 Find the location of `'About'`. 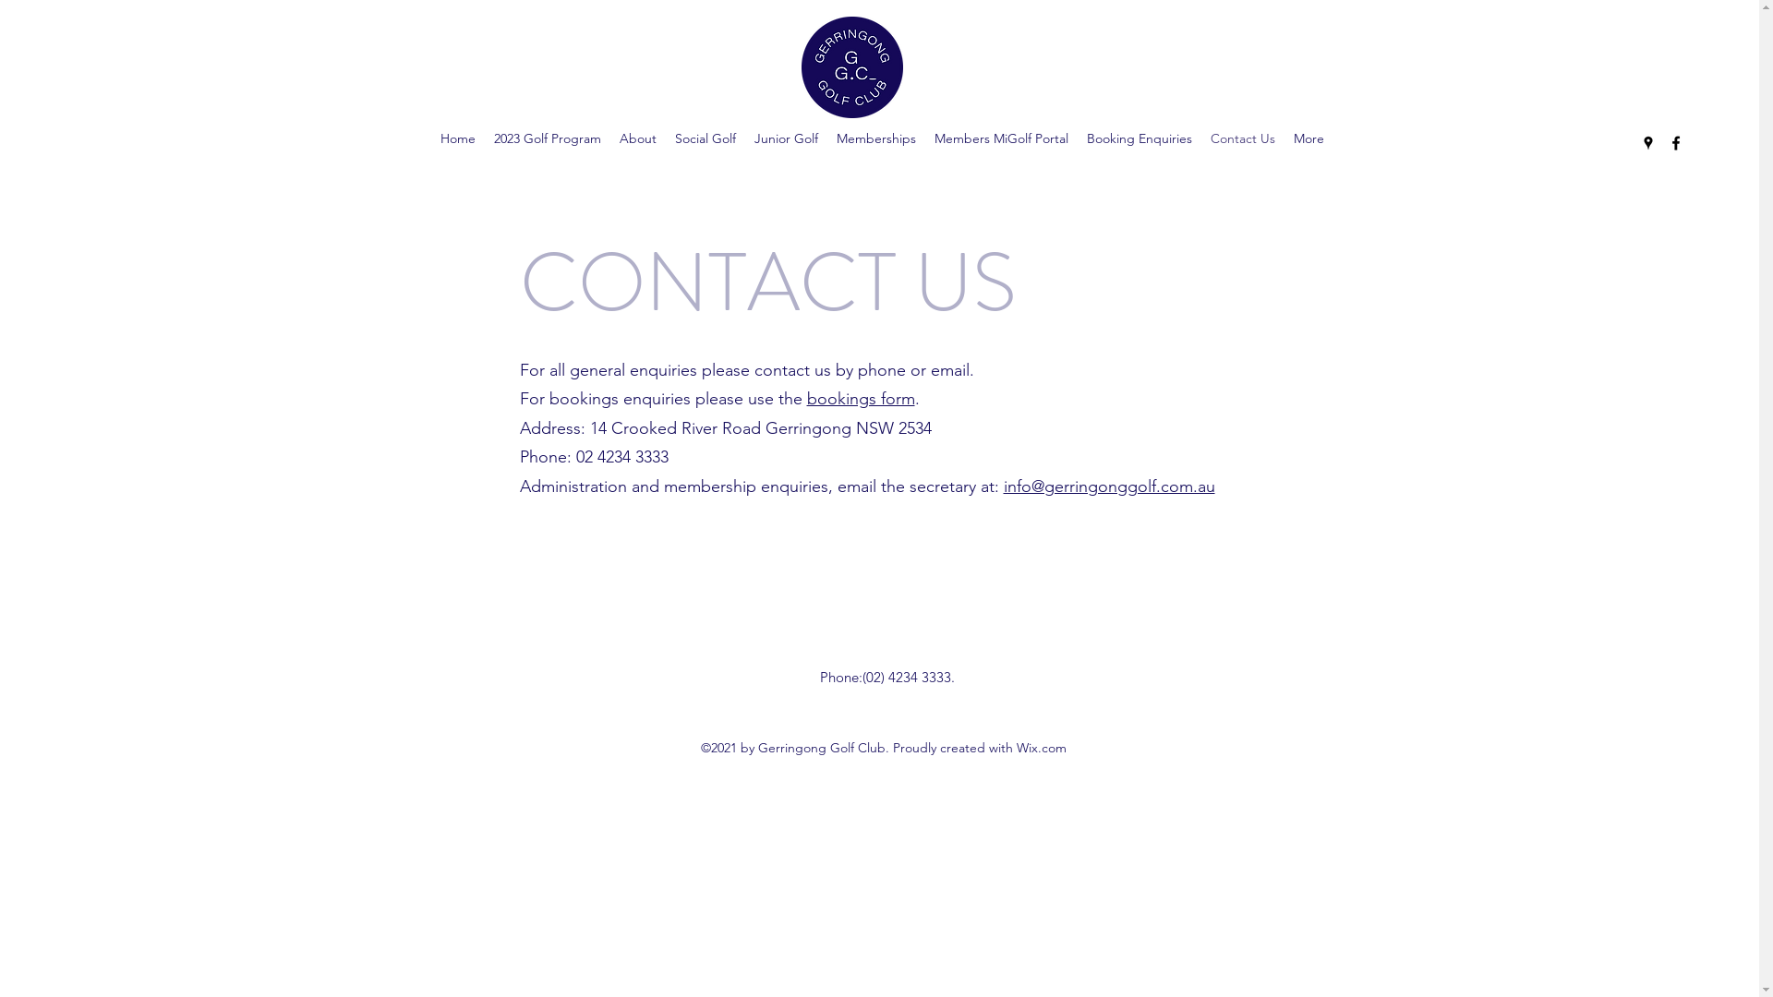

'About' is located at coordinates (638, 138).